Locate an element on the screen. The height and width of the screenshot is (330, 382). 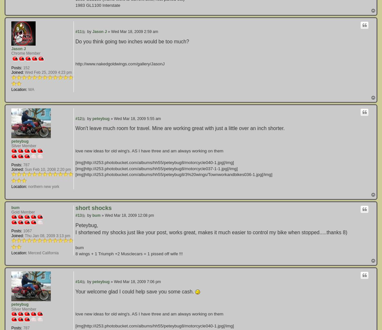
'short shocks' is located at coordinates (75, 207).